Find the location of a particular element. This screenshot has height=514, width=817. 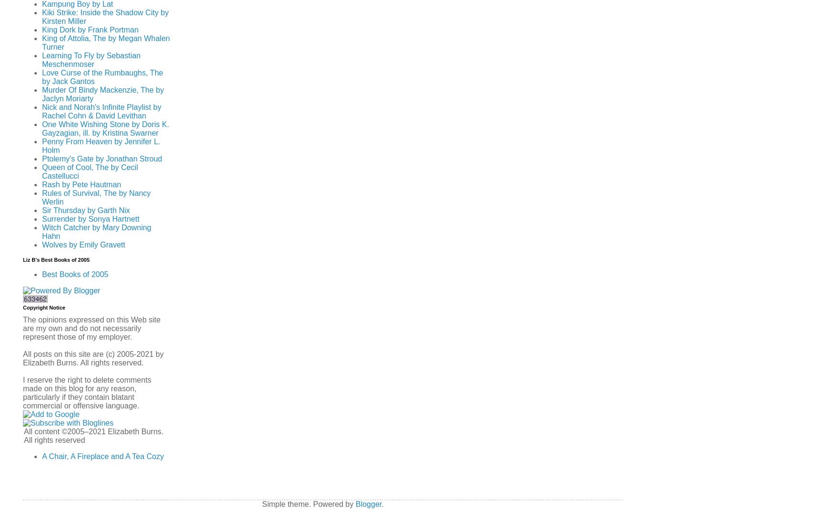

'One White Wishing Stone by Doris K. Gayzagian, ill. by Kristina Swarner' is located at coordinates (105, 128).